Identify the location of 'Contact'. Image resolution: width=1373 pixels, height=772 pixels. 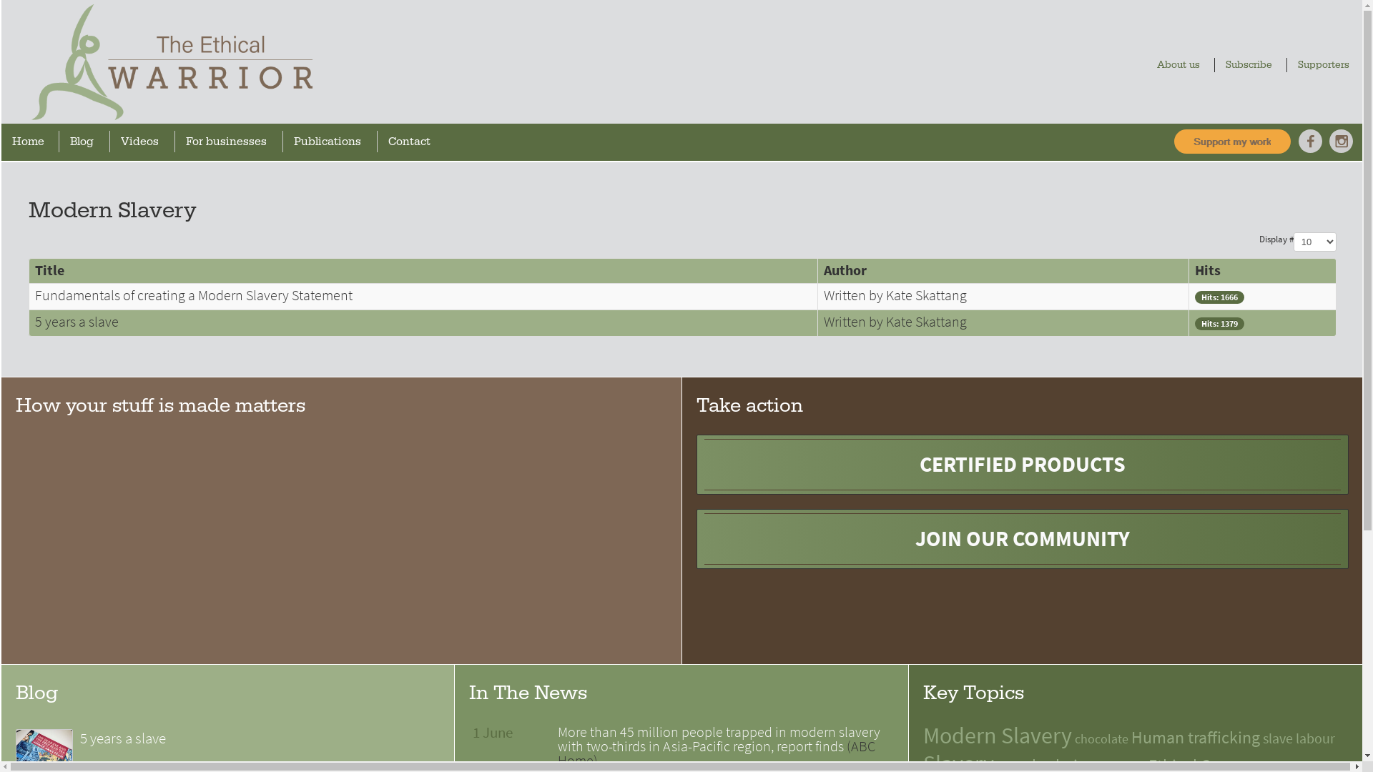
(412, 141).